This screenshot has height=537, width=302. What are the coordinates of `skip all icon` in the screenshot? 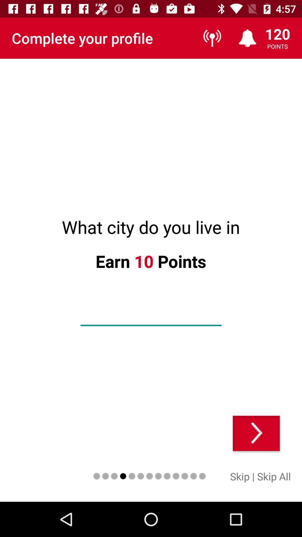 It's located at (273, 476).